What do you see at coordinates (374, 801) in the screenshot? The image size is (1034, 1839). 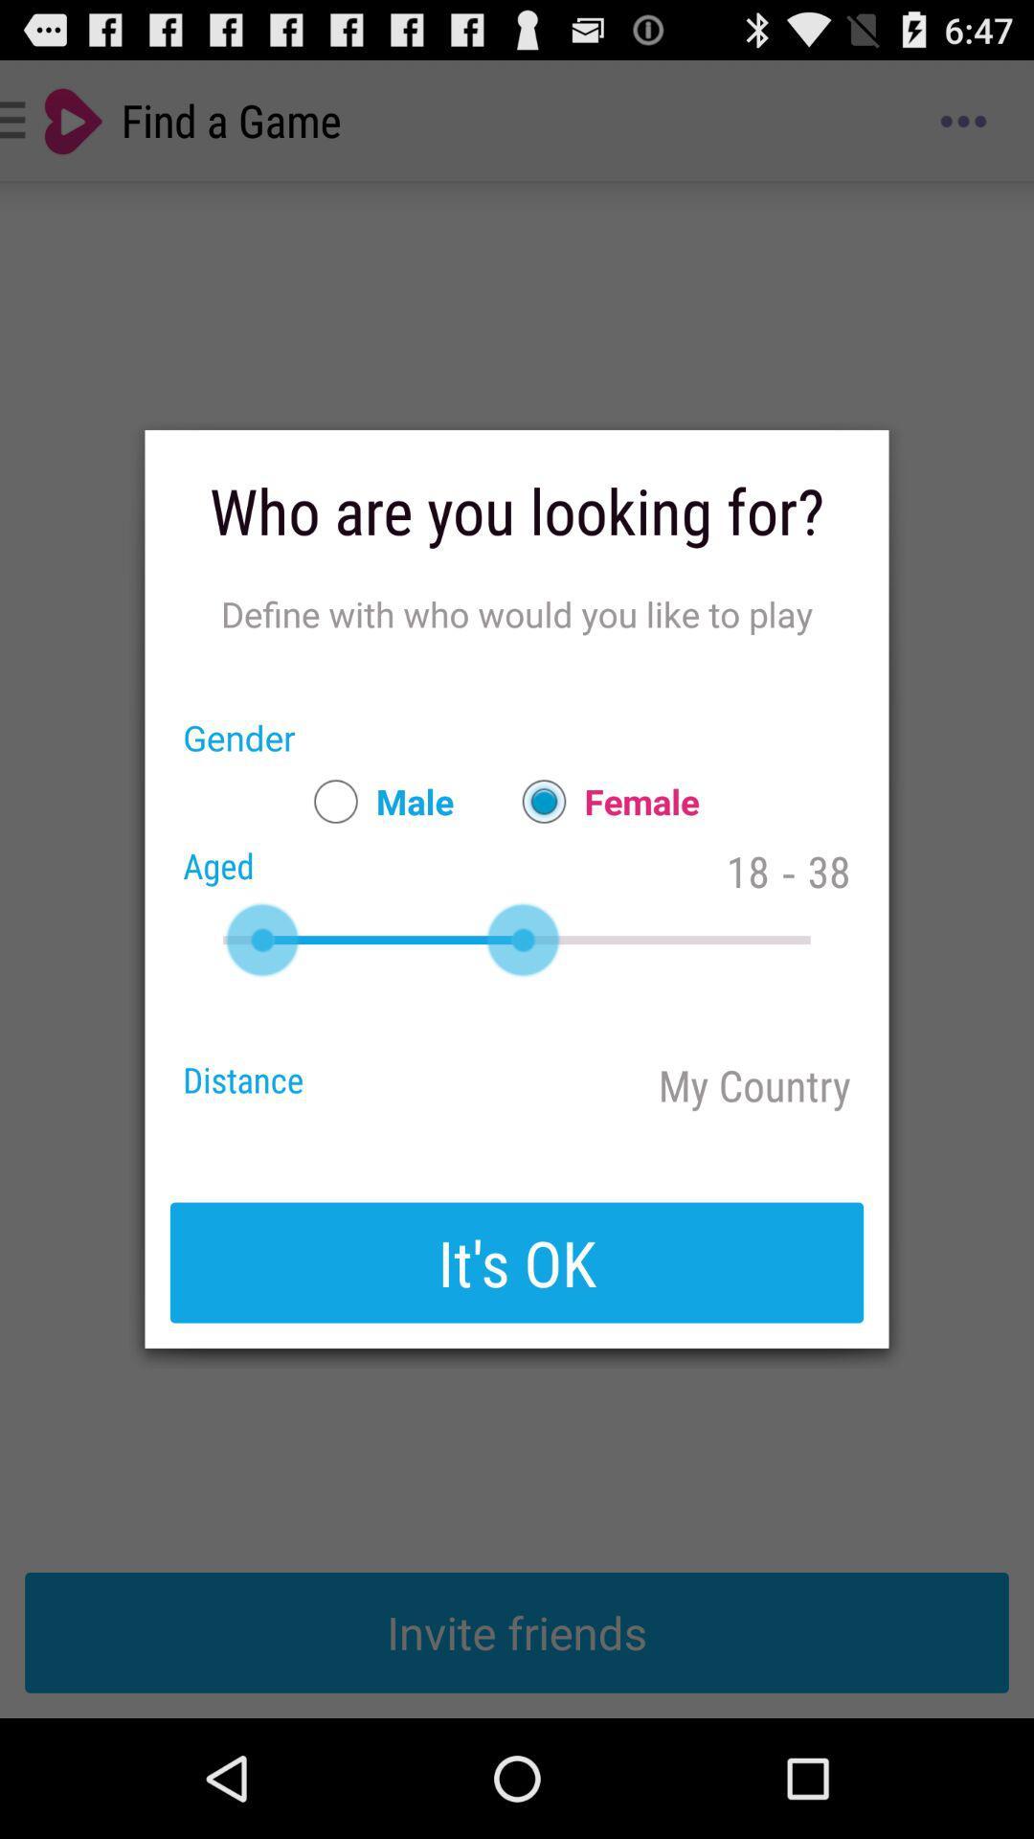 I see `the male item` at bounding box center [374, 801].